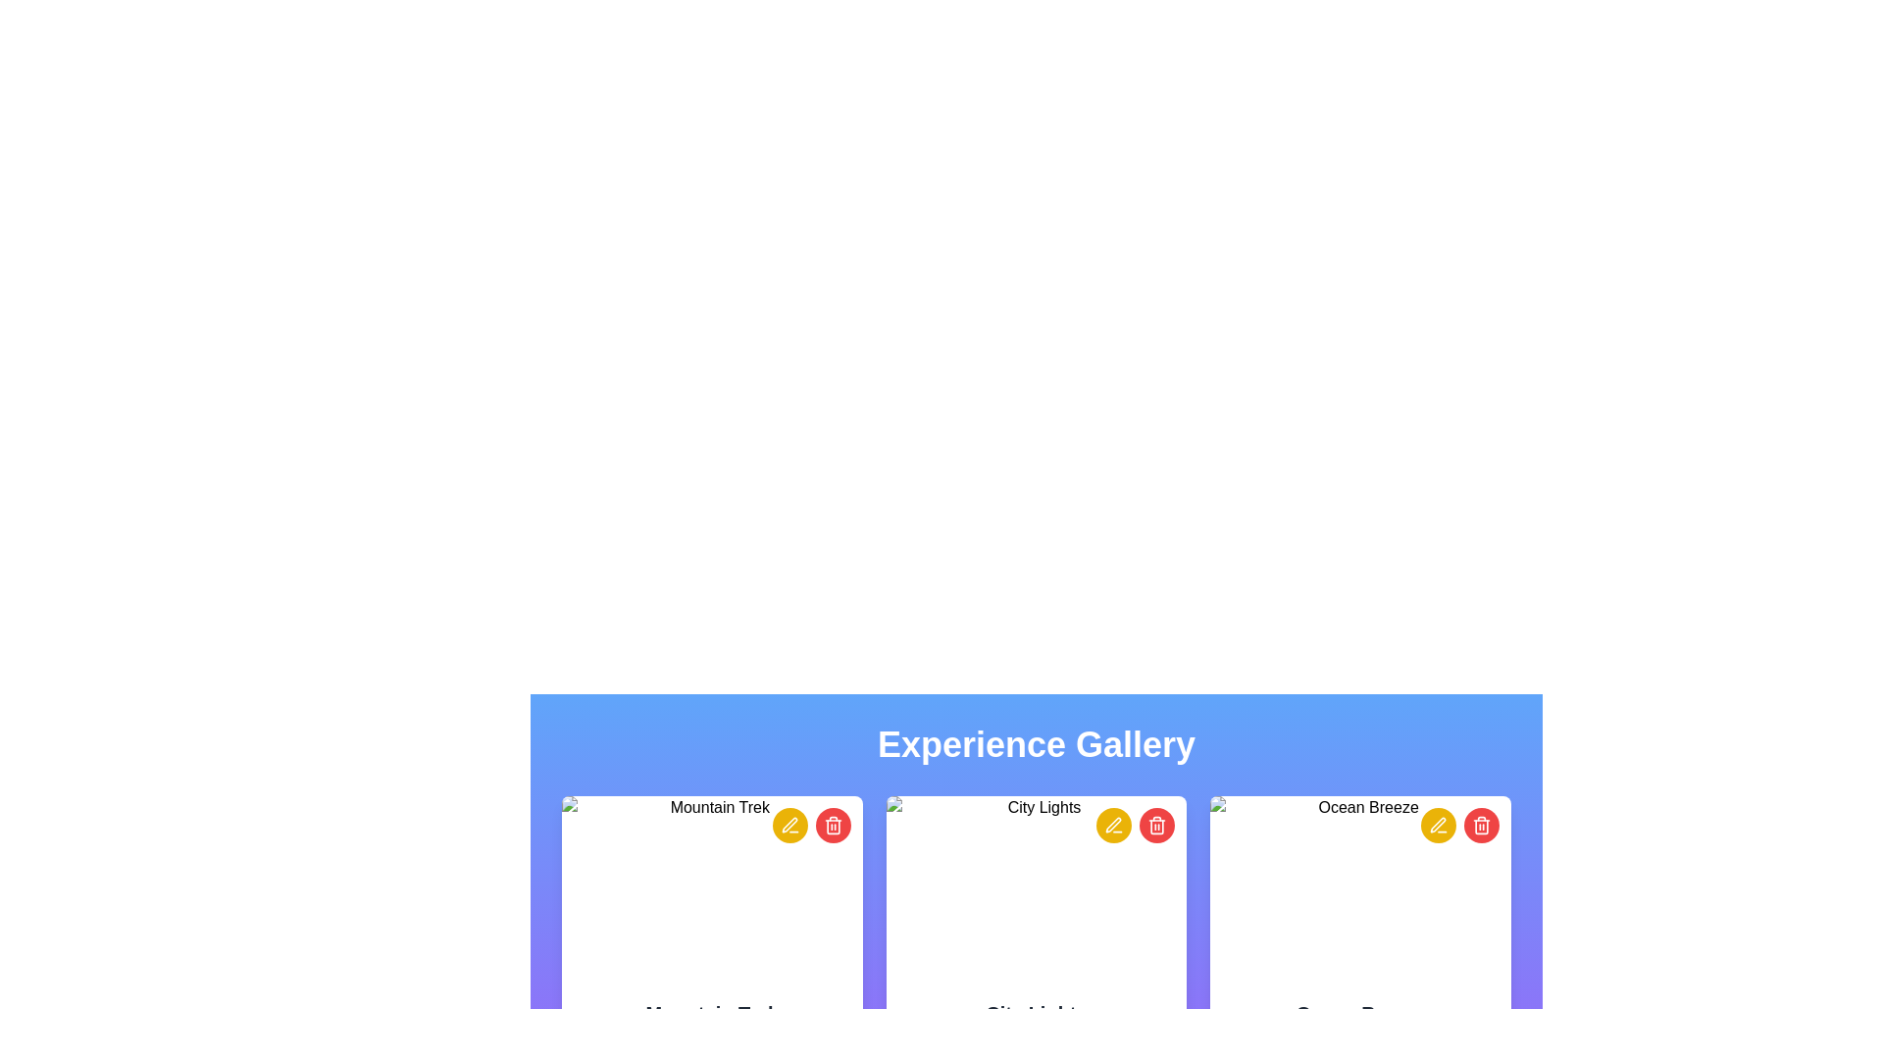 This screenshot has width=1883, height=1059. Describe the element at coordinates (1114, 825) in the screenshot. I see `the edit button located at the top-right corner of the card, which is the leftmost button adjacent to the red delete button, to trigger a visual effect` at that location.